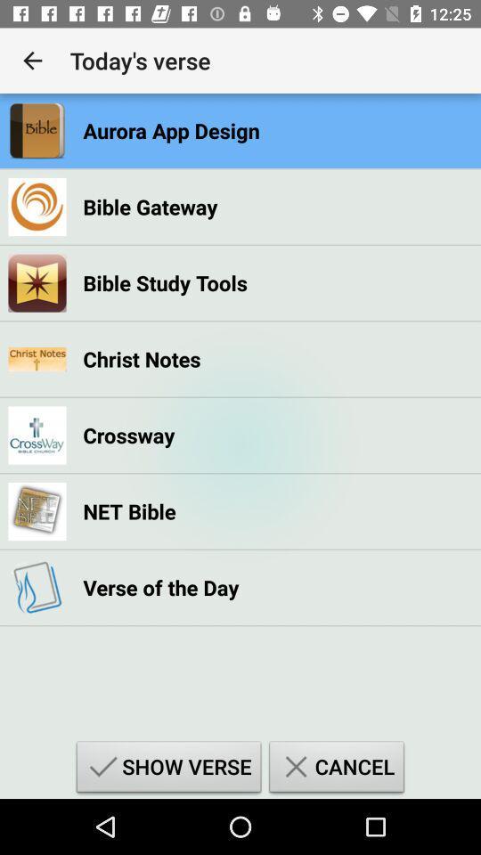 Image resolution: width=481 pixels, height=855 pixels. Describe the element at coordinates (127, 434) in the screenshot. I see `crossway` at that location.